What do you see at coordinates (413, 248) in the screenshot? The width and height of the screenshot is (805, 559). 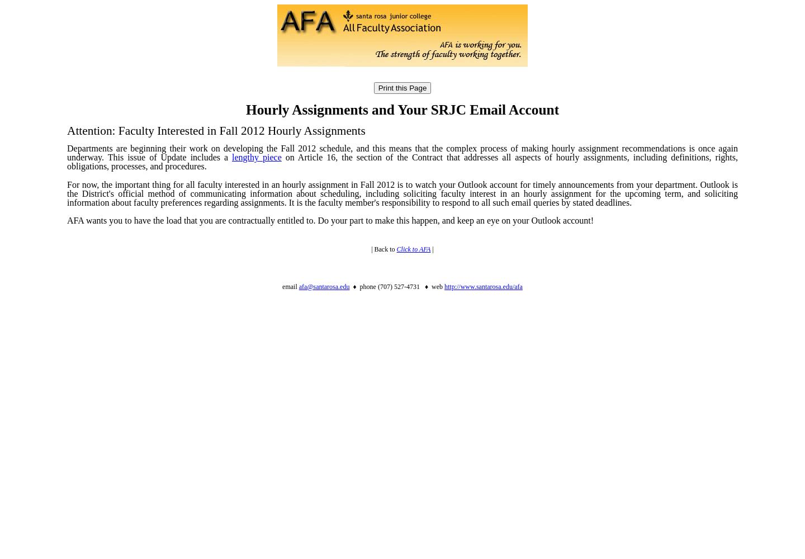 I see `'Click to AFA'` at bounding box center [413, 248].